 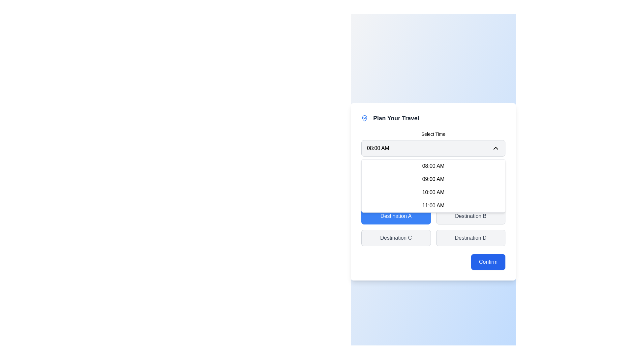 I want to click on the '08:00 AM' time option in the dropdown menu, so click(x=433, y=166).